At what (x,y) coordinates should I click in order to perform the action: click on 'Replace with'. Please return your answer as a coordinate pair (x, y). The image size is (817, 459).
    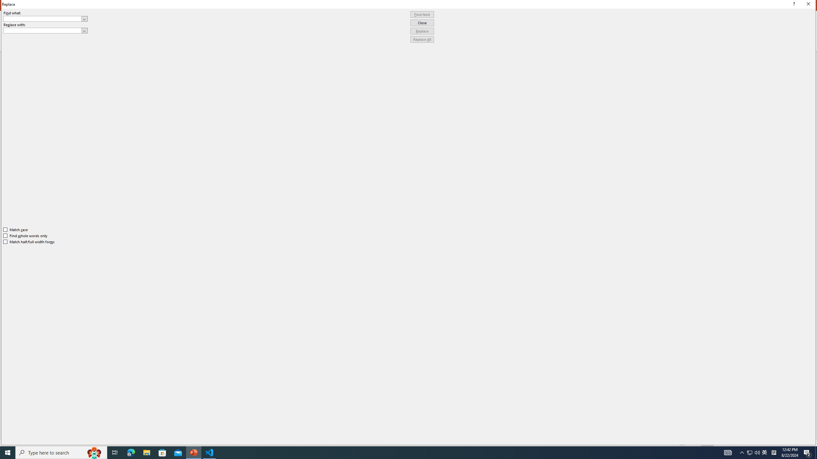
    Looking at the image, I should click on (42, 30).